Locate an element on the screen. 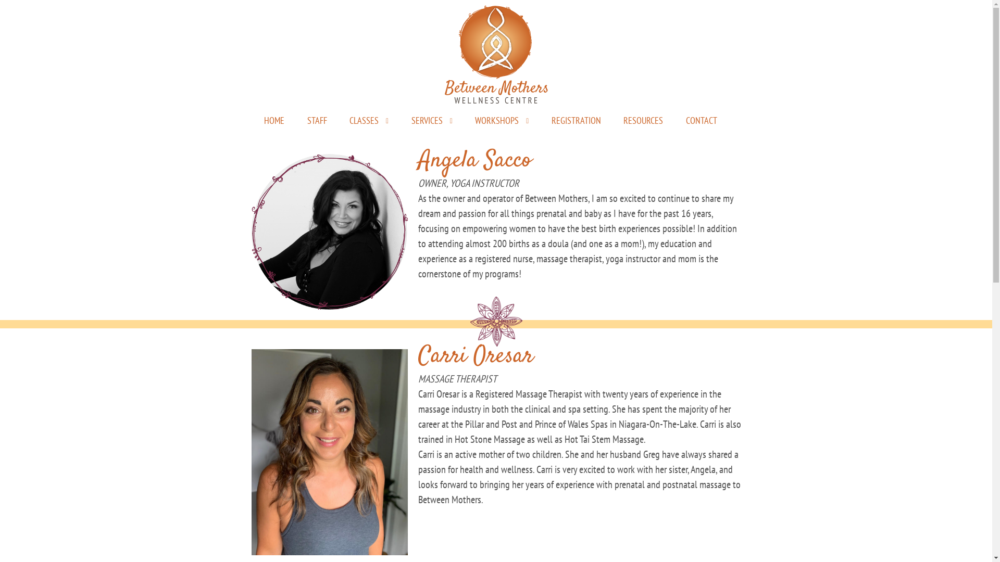  'RESOURCES' is located at coordinates (643, 120).